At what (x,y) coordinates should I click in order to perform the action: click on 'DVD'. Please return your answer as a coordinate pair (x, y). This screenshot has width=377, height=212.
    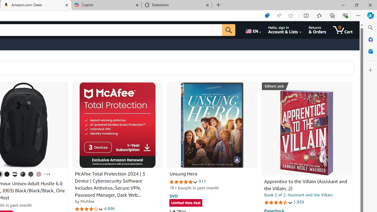
    Looking at the image, I should click on (173, 196).